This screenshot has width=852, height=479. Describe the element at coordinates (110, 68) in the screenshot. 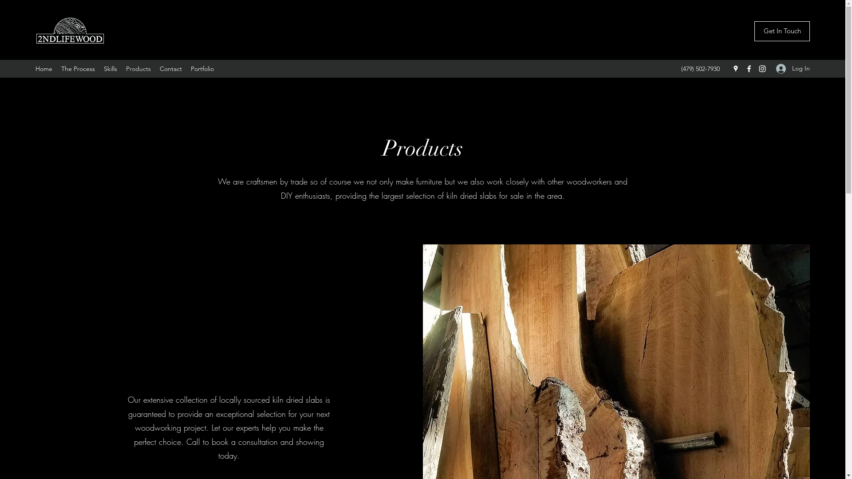

I see `'Skills'` at that location.